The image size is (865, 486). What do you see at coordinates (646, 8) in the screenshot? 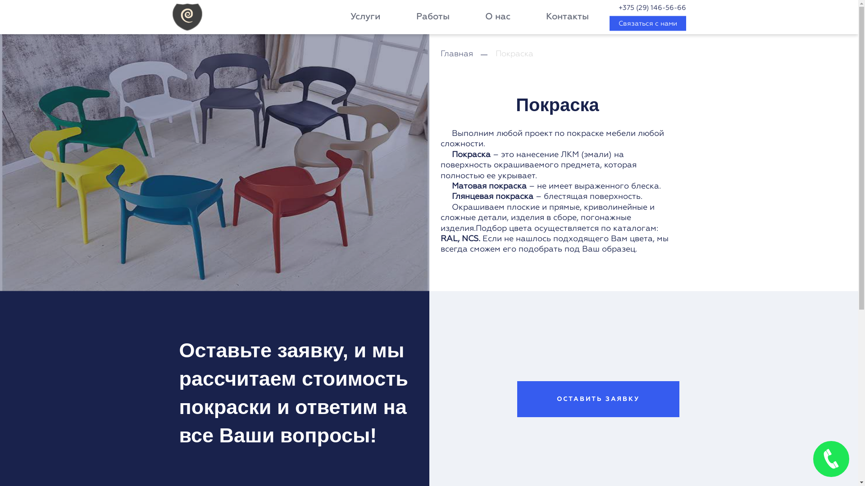
I see `'+375 (29) 146-56-66'` at bounding box center [646, 8].